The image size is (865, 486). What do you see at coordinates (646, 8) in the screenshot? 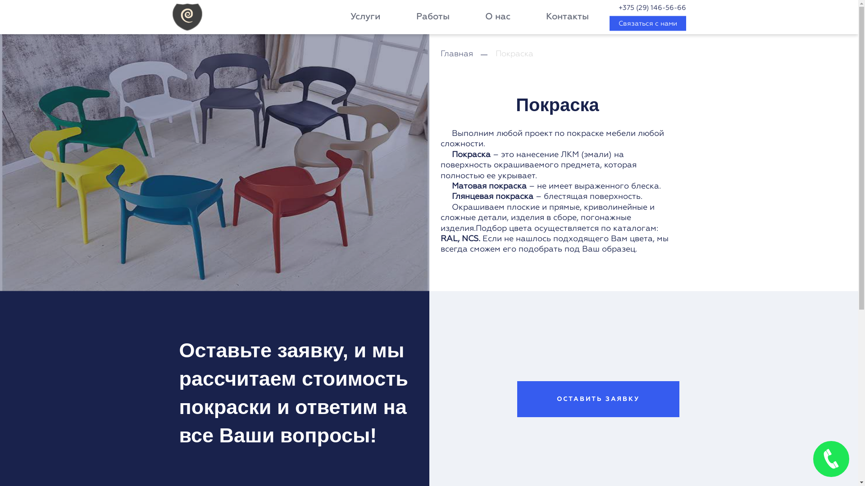
I see `'+375 (29) 146-56-66'` at bounding box center [646, 8].